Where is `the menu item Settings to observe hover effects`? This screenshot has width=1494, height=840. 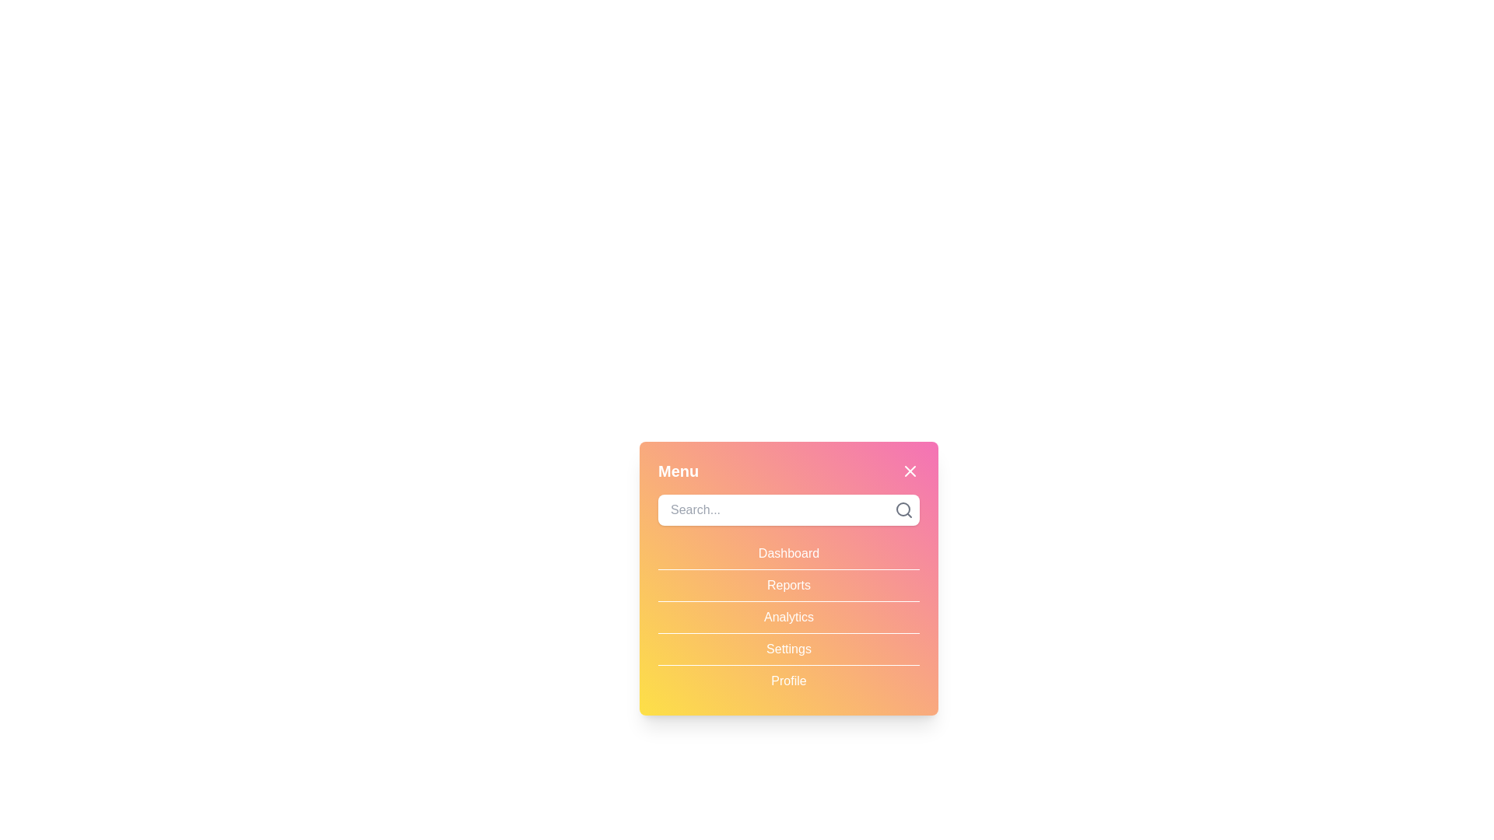
the menu item Settings to observe hover effects is located at coordinates (788, 648).